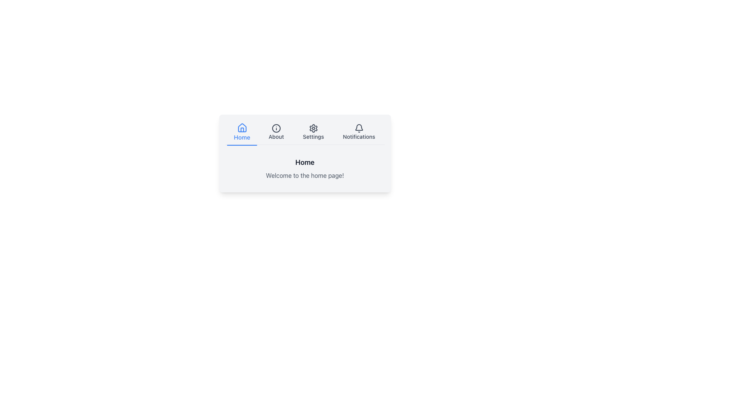 The width and height of the screenshot is (736, 414). Describe the element at coordinates (276, 128) in the screenshot. I see `the 'About' icon located above the 'About' text in the navigation bar` at that location.